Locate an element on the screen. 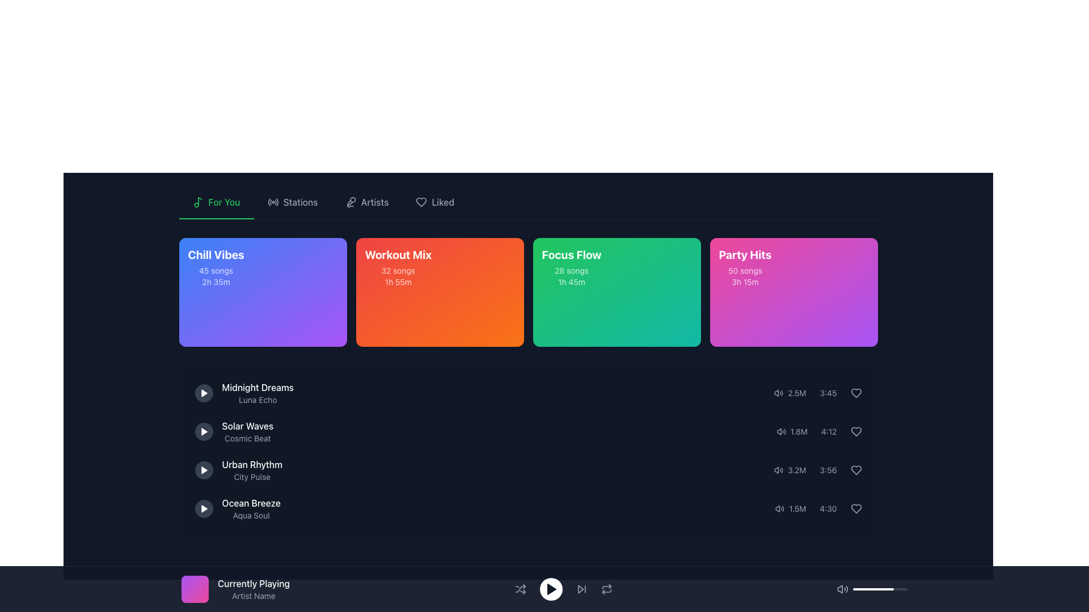 Image resolution: width=1089 pixels, height=612 pixels. the circular radio signal icon located on the navigation bar, positioned to the left of the 'Artists' label and to the right of the 'For You' label is located at coordinates (273, 202).